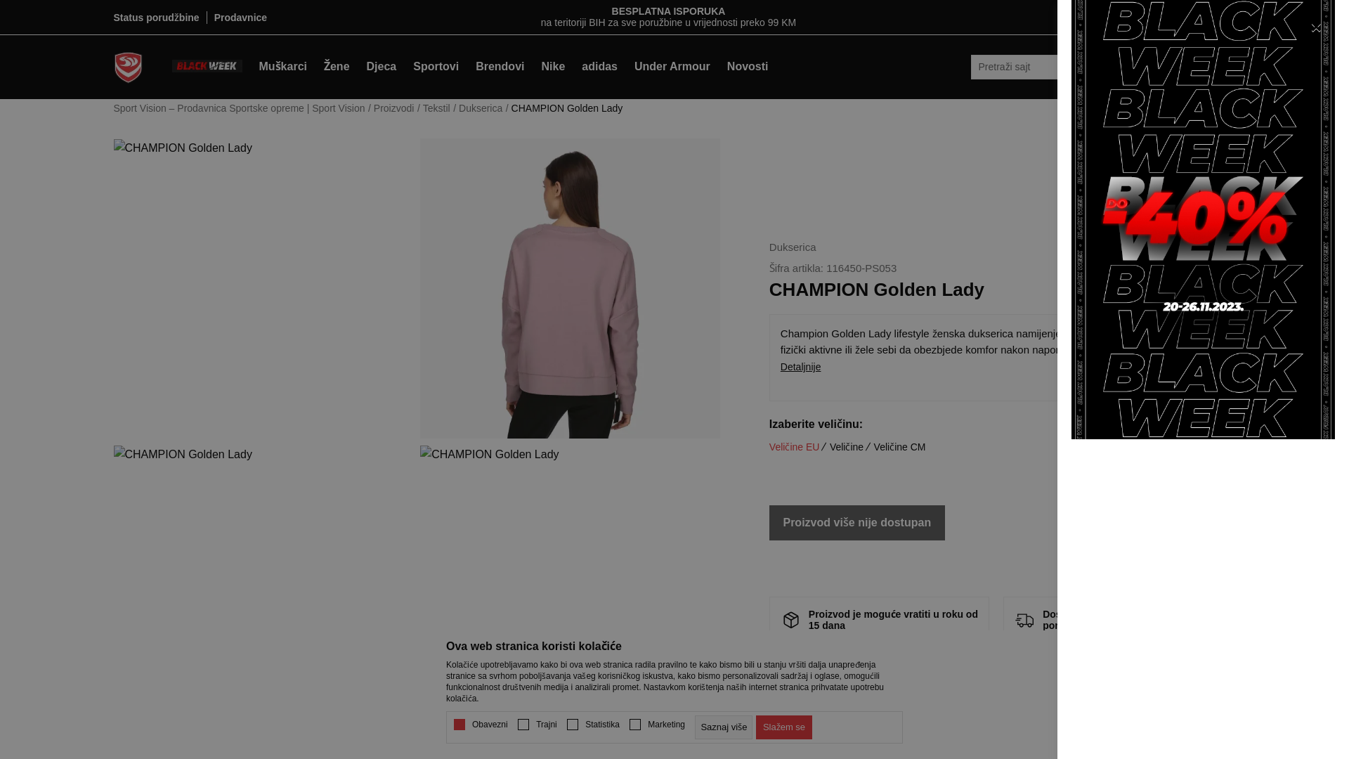 The height and width of the screenshot is (759, 1349). What do you see at coordinates (500, 67) in the screenshot?
I see `'Brendovi'` at bounding box center [500, 67].